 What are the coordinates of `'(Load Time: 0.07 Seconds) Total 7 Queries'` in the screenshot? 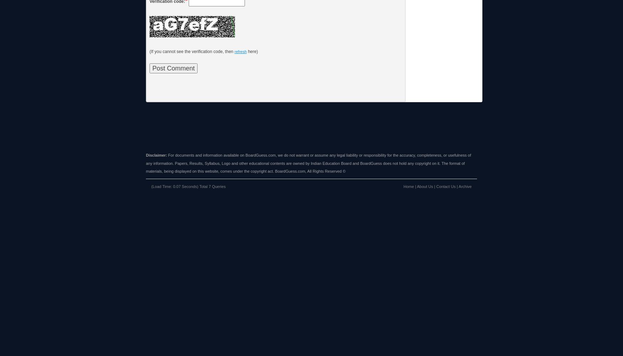 It's located at (188, 186).